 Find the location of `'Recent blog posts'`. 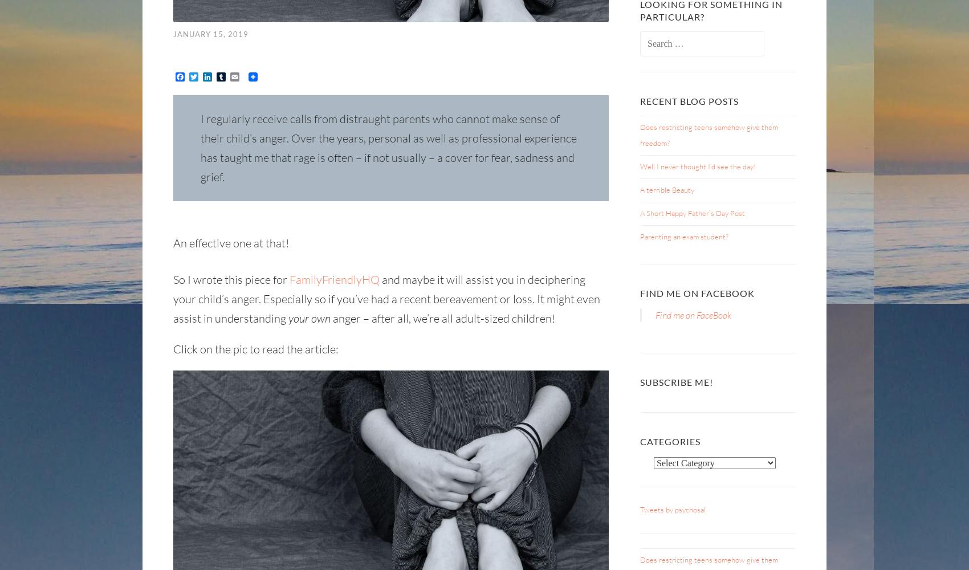

'Recent blog posts' is located at coordinates (640, 101).